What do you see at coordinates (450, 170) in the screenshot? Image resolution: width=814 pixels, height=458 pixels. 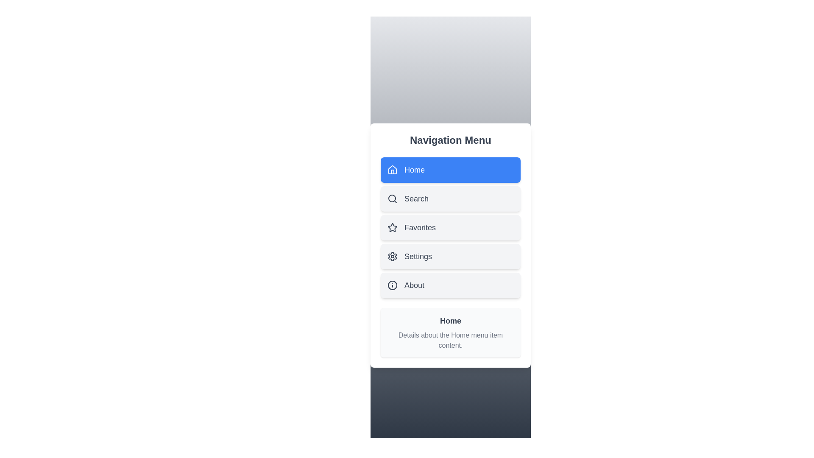 I see `the menu item Home` at bounding box center [450, 170].